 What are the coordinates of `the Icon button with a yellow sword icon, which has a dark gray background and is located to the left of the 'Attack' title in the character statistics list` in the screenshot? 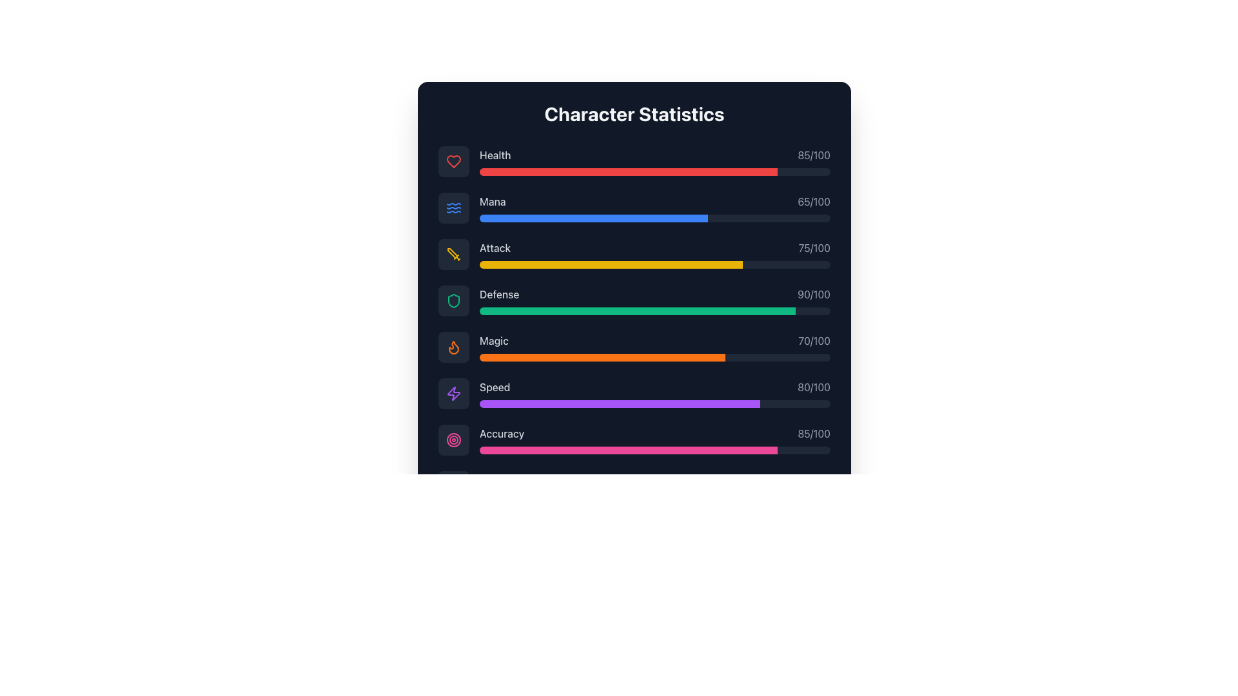 It's located at (454, 254).